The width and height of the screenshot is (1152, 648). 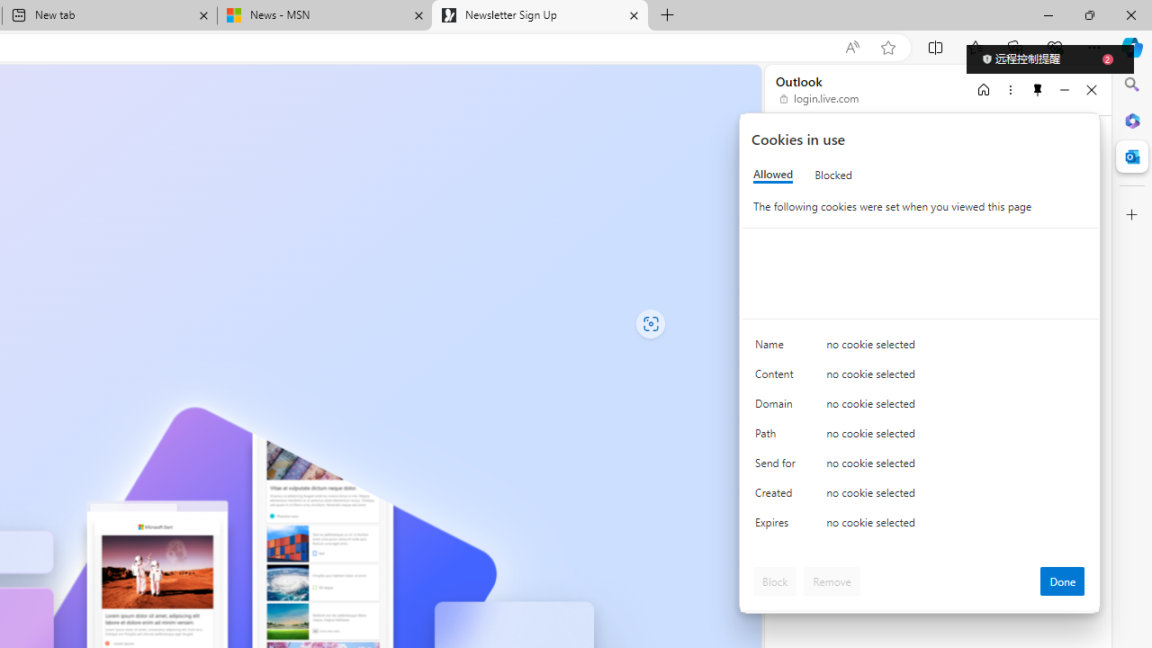 I want to click on 'Newsletter Sign Up', so click(x=539, y=15).